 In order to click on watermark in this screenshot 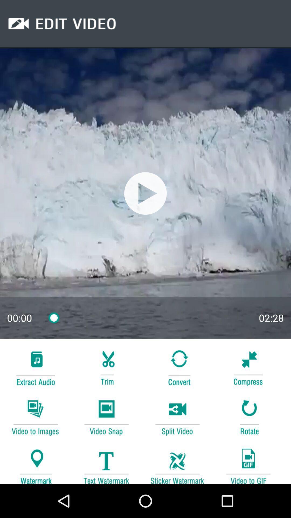, I will do `click(177, 463)`.